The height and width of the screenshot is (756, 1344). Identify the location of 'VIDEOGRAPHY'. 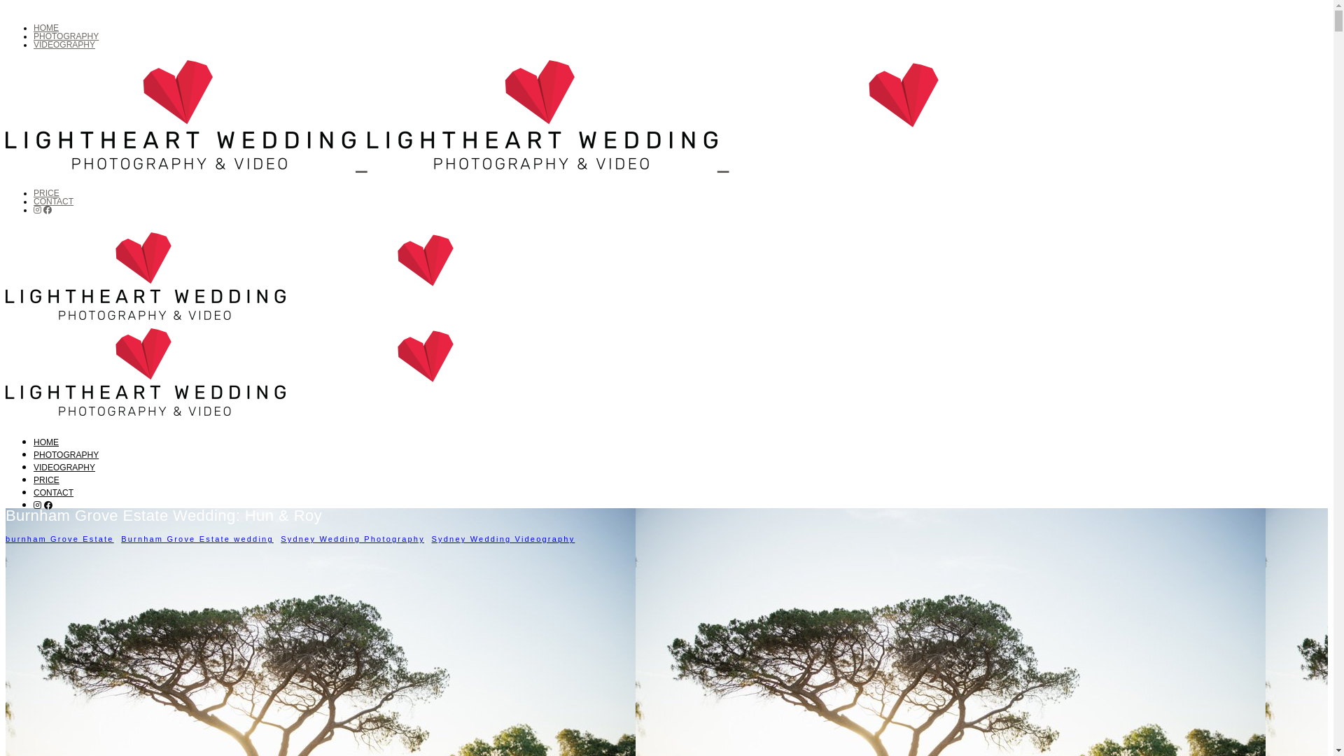
(34, 467).